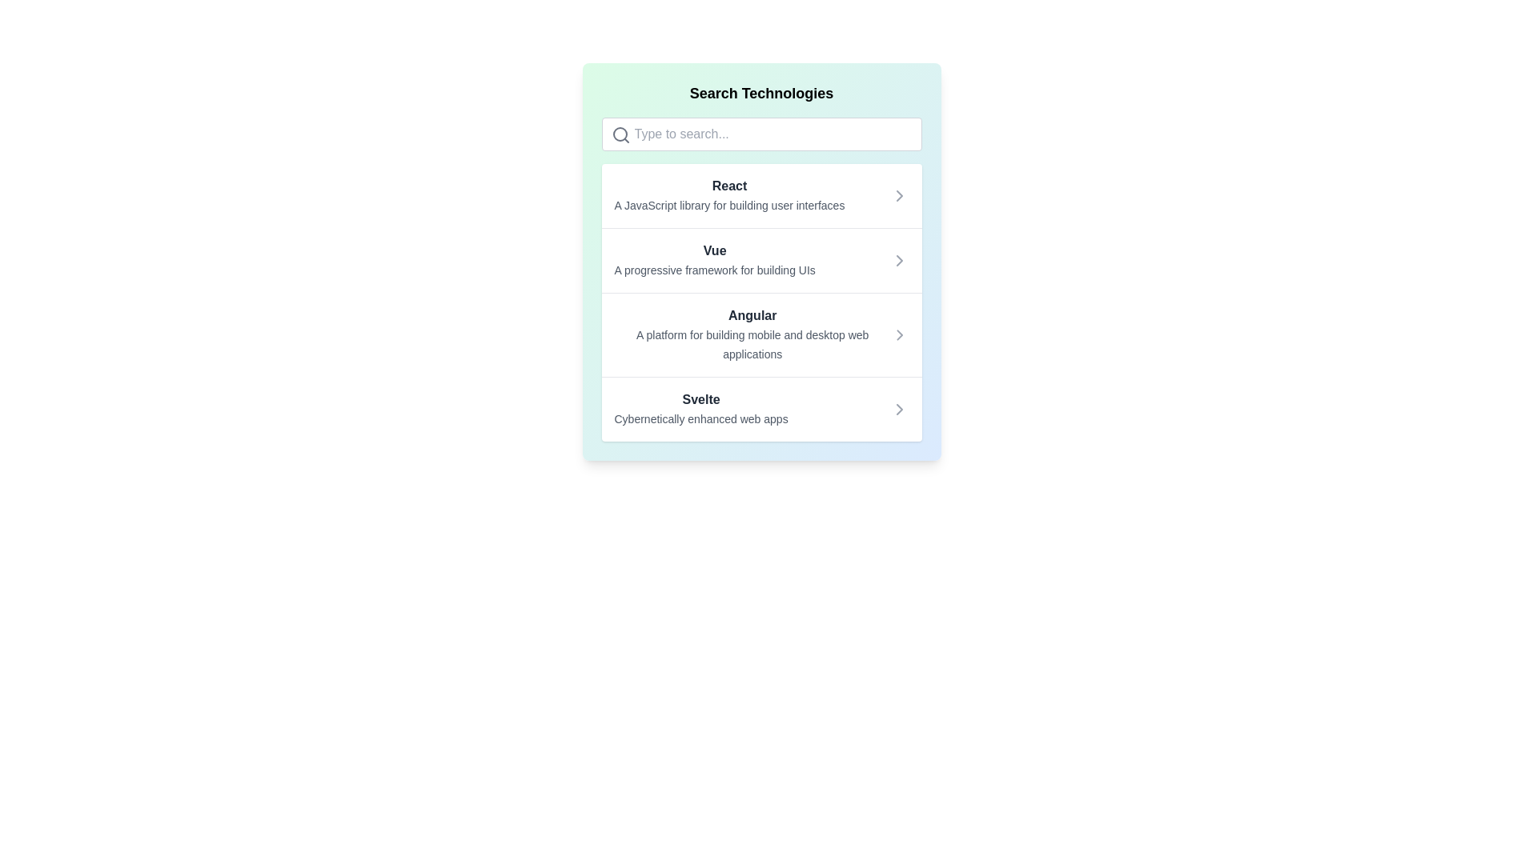 Image resolution: width=1537 pixels, height=864 pixels. Describe the element at coordinates (728, 185) in the screenshot. I see `the 'React' label` at that location.